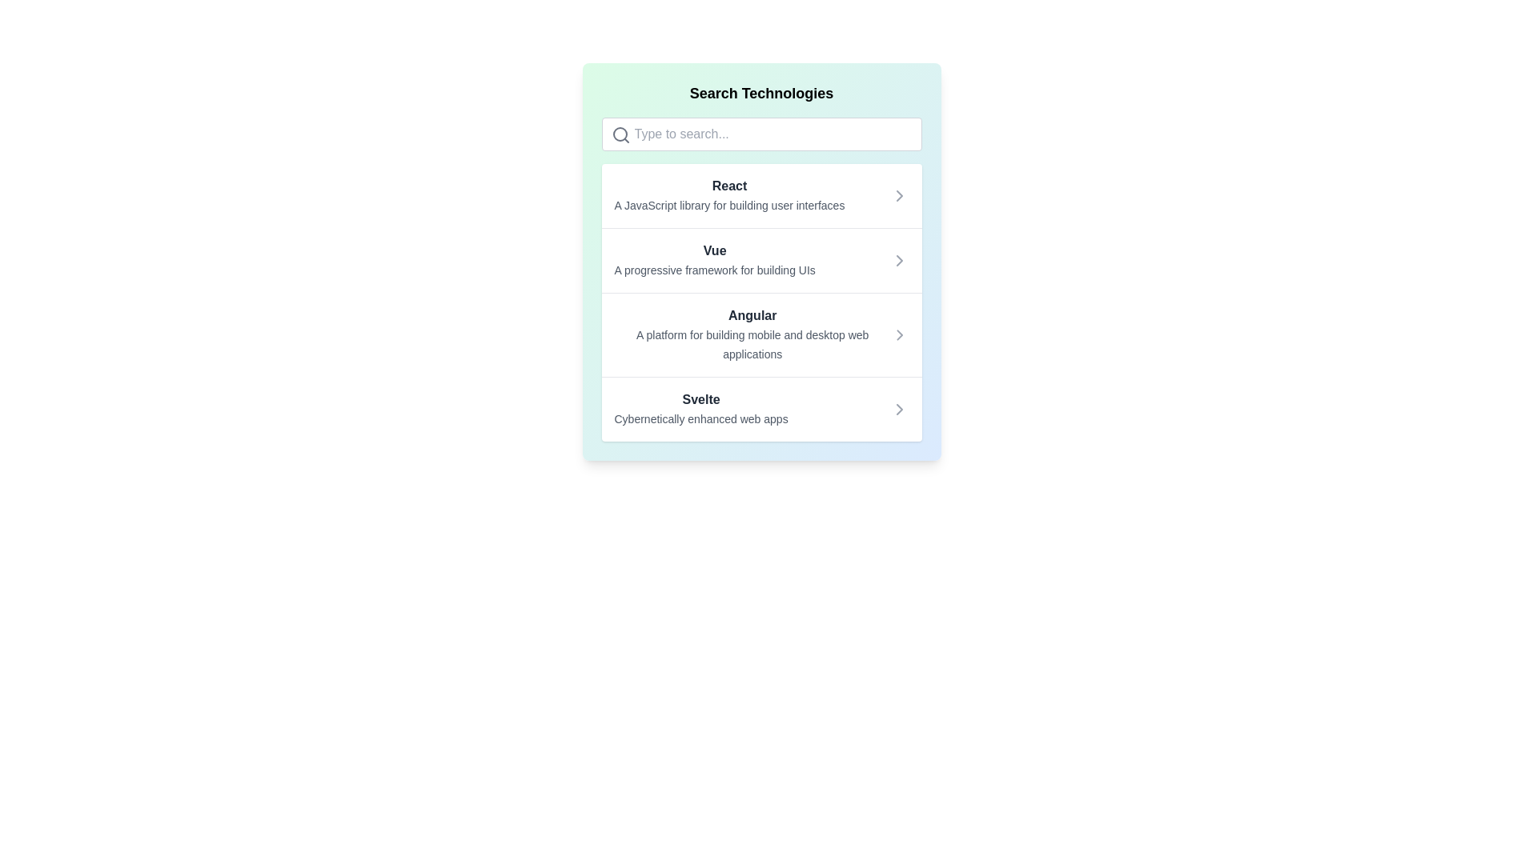 Image resolution: width=1537 pixels, height=864 pixels. Describe the element at coordinates (728, 185) in the screenshot. I see `the 'React' label` at that location.